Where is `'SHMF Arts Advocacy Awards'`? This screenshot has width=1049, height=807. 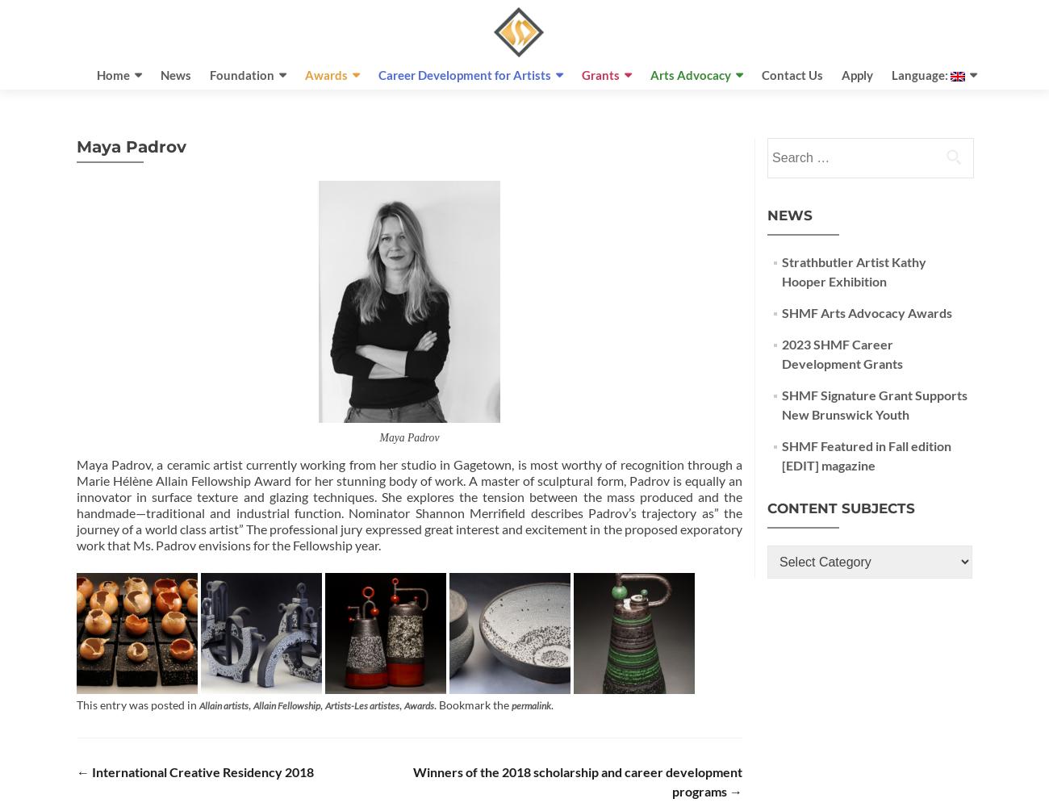 'SHMF Arts Advocacy Awards' is located at coordinates (780, 312).